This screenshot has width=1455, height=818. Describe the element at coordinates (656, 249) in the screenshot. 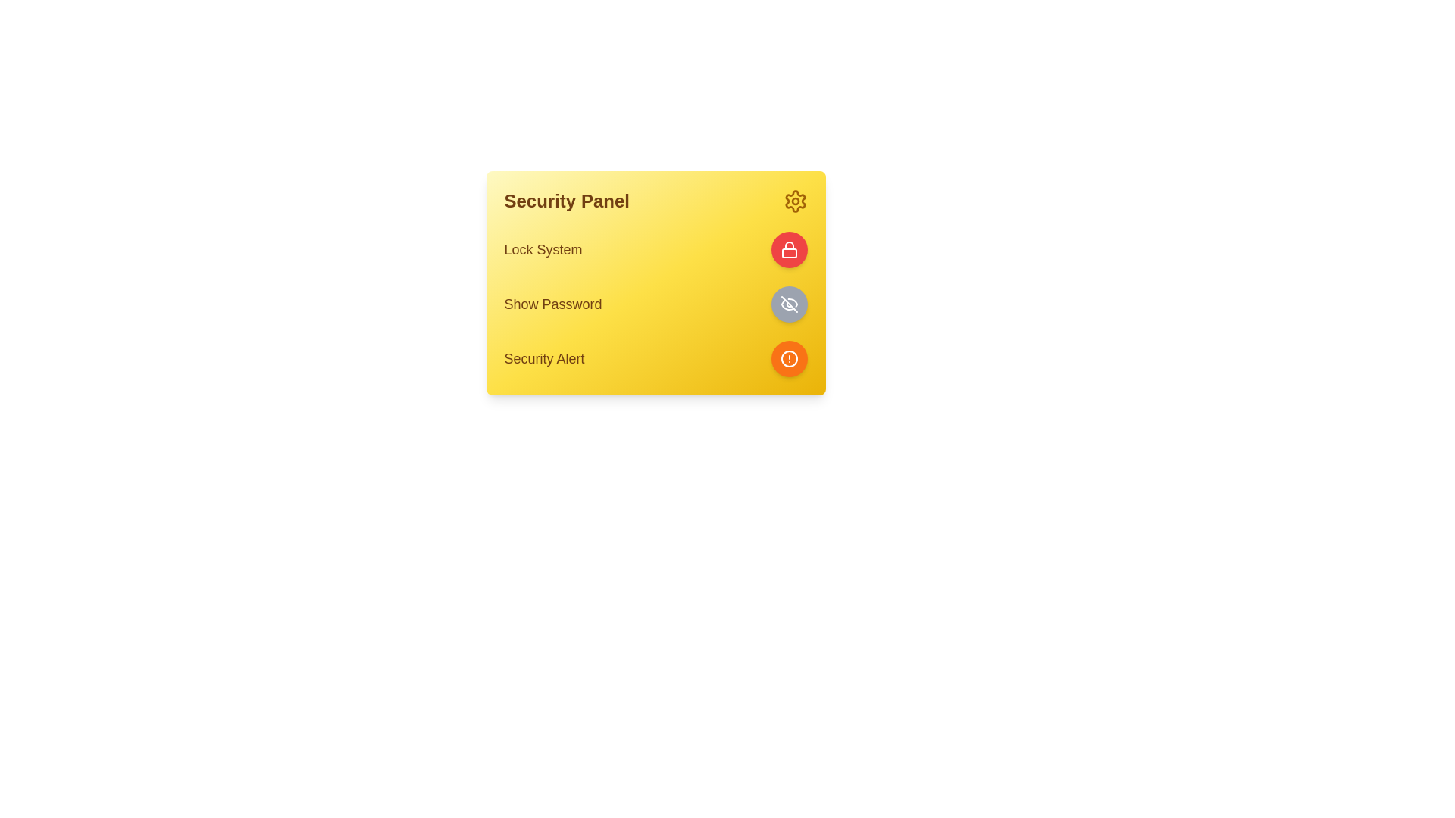

I see `the 'Lock System' element, which consists of a bold, golden-brown text label and a round red button with a white lock icon, located in the Security Panel` at that location.